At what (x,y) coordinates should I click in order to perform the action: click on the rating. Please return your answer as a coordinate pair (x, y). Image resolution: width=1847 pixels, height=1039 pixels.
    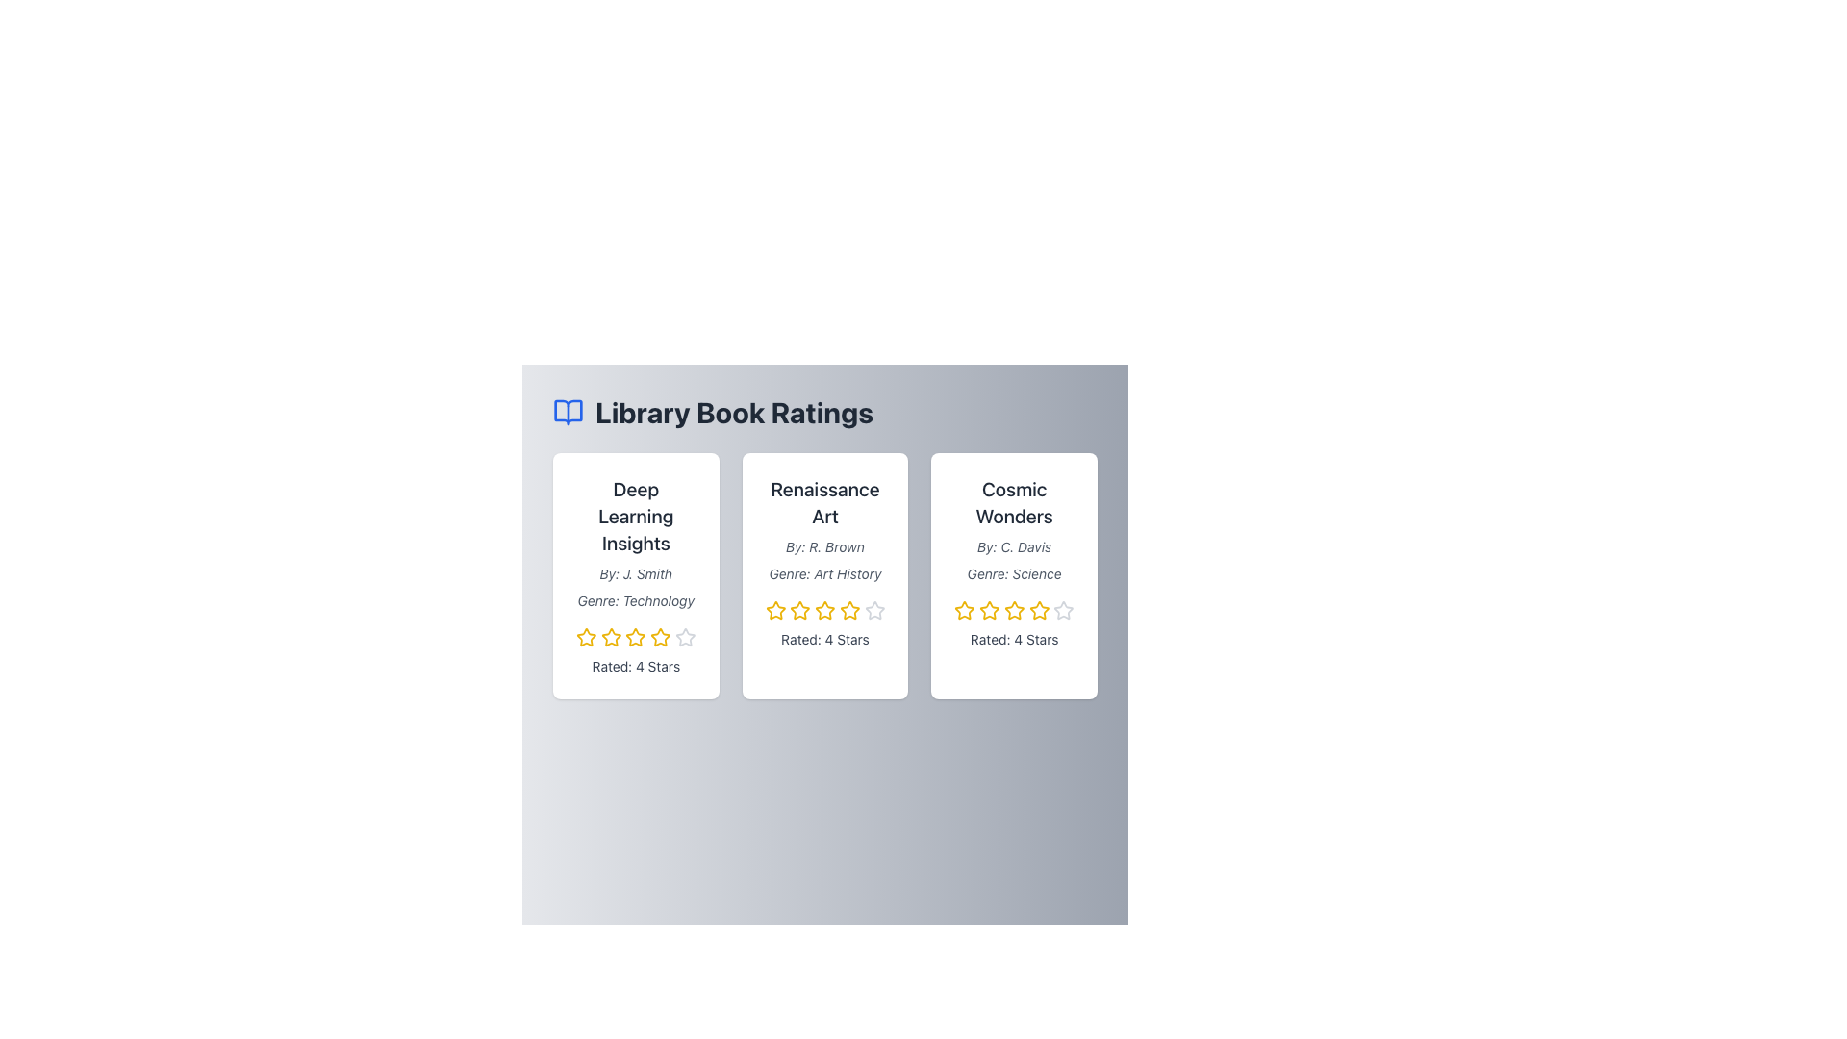
    Looking at the image, I should click on (1008, 610).